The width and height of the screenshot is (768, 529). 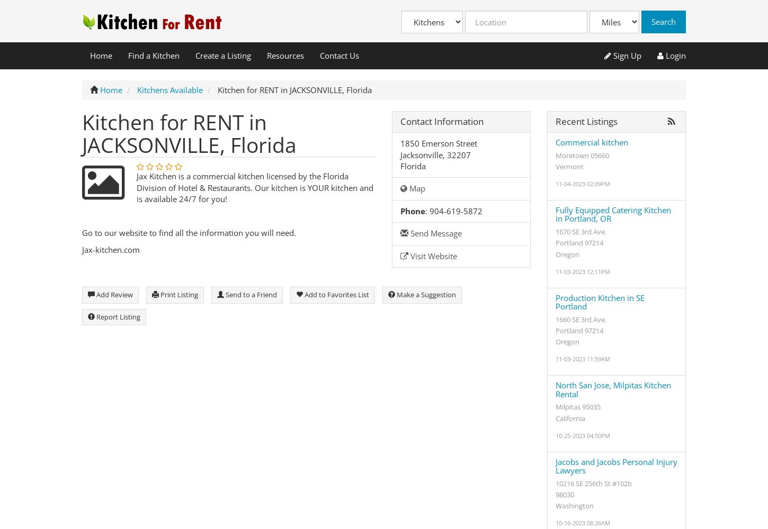 I want to click on '11-04-2023 02:09PM', so click(x=582, y=183).